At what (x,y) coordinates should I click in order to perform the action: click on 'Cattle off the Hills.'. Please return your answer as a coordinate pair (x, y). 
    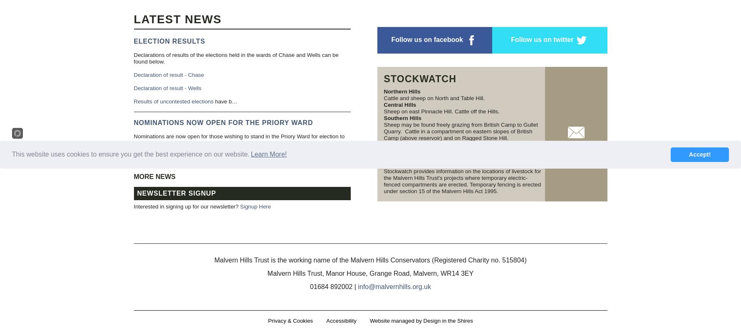
    Looking at the image, I should click on (477, 110).